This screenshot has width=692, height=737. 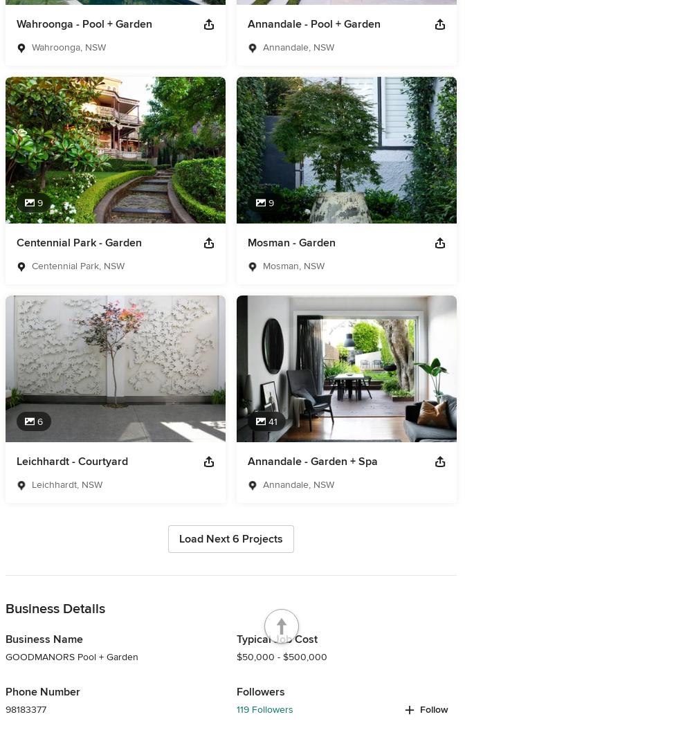 I want to click on 'Mosman - Garden', so click(x=291, y=242).